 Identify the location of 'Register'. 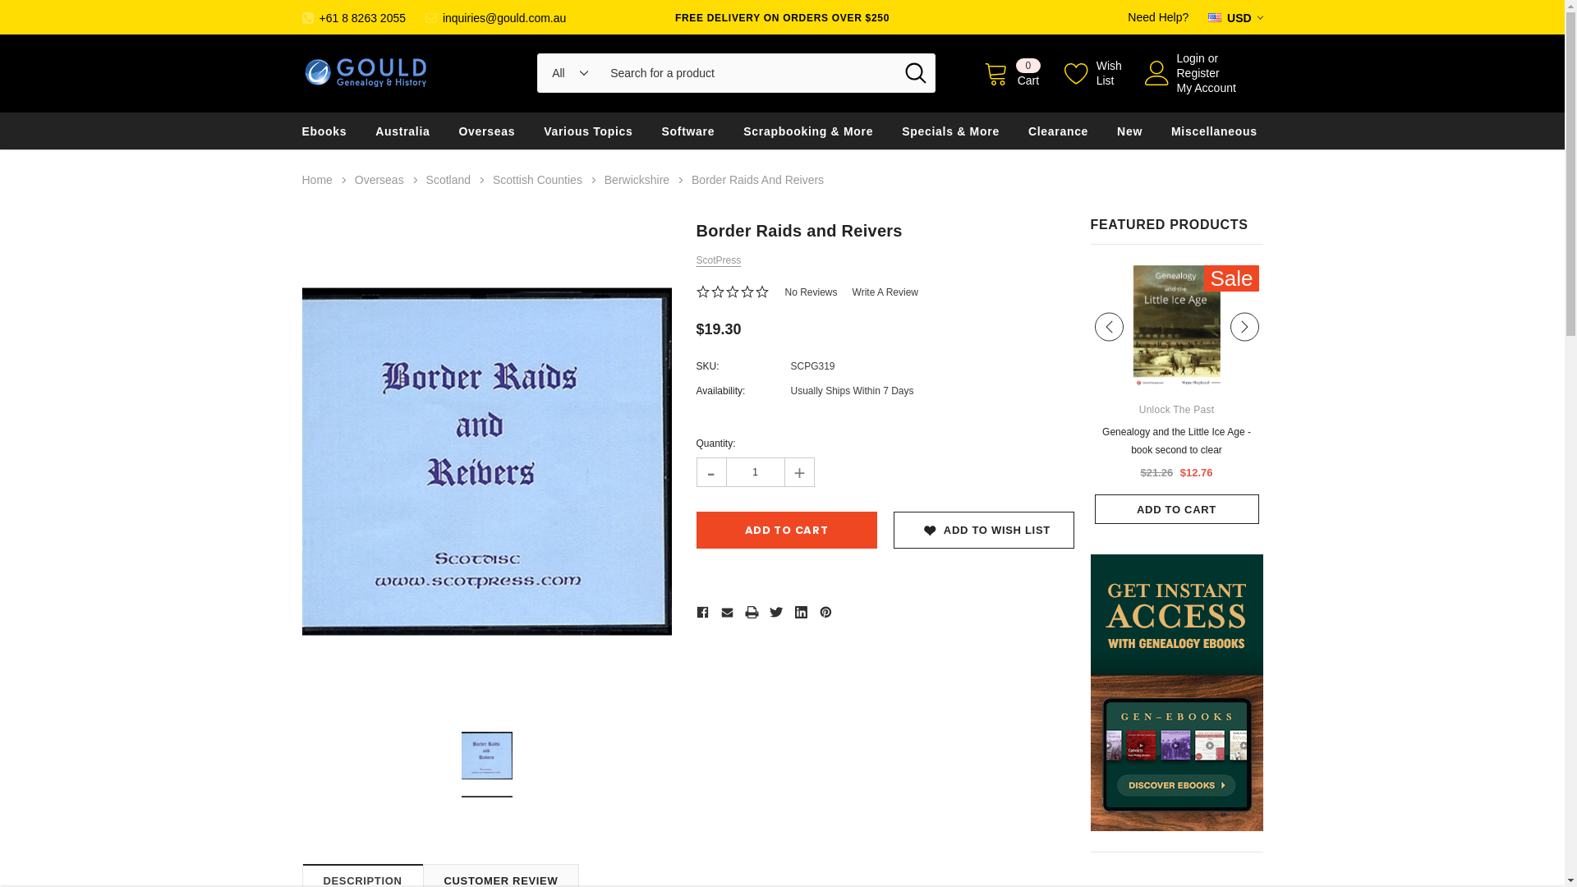
(1198, 71).